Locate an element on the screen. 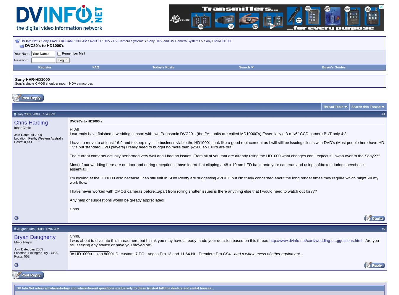 Image resolution: width=399 pixels, height=295 pixels. 'Sony XAVC / XDCAM / NXCAM / AVCHD / HDV / DV Camera Systems' is located at coordinates (92, 41).